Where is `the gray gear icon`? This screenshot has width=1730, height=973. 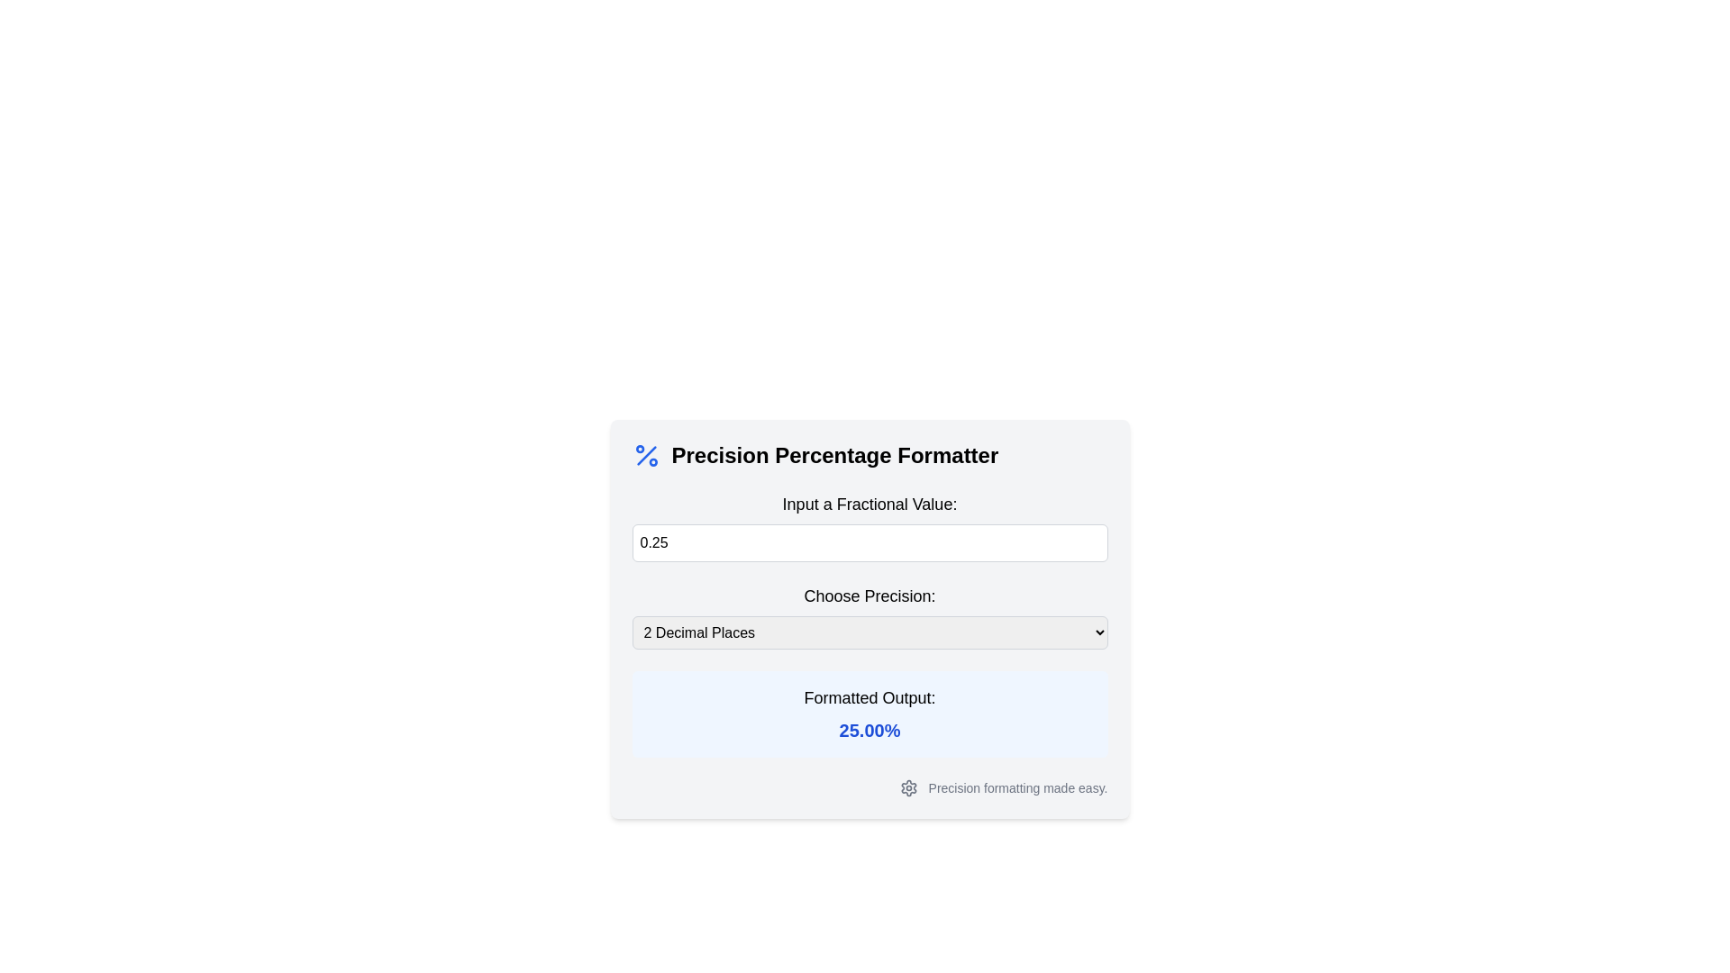 the gray gear icon is located at coordinates (908, 787).